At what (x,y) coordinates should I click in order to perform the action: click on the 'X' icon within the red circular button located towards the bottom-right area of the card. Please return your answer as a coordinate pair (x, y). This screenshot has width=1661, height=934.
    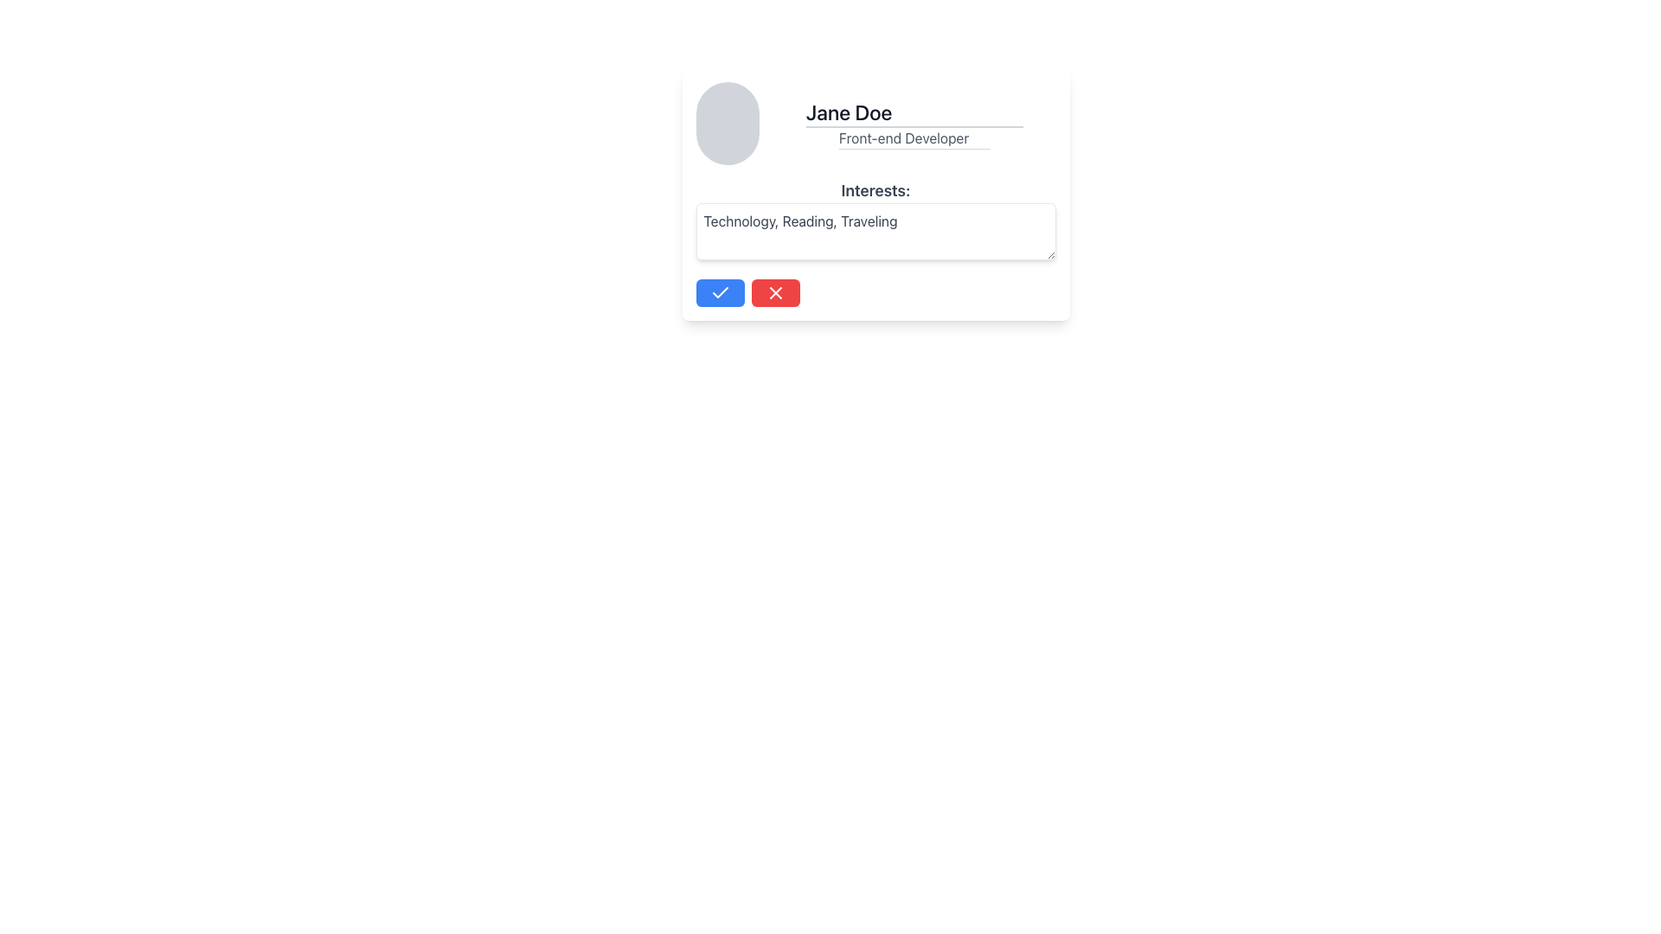
    Looking at the image, I should click on (774, 292).